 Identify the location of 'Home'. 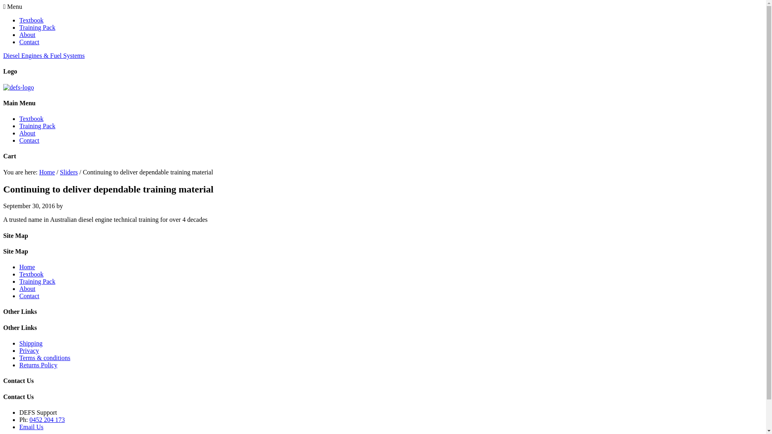
(38, 172).